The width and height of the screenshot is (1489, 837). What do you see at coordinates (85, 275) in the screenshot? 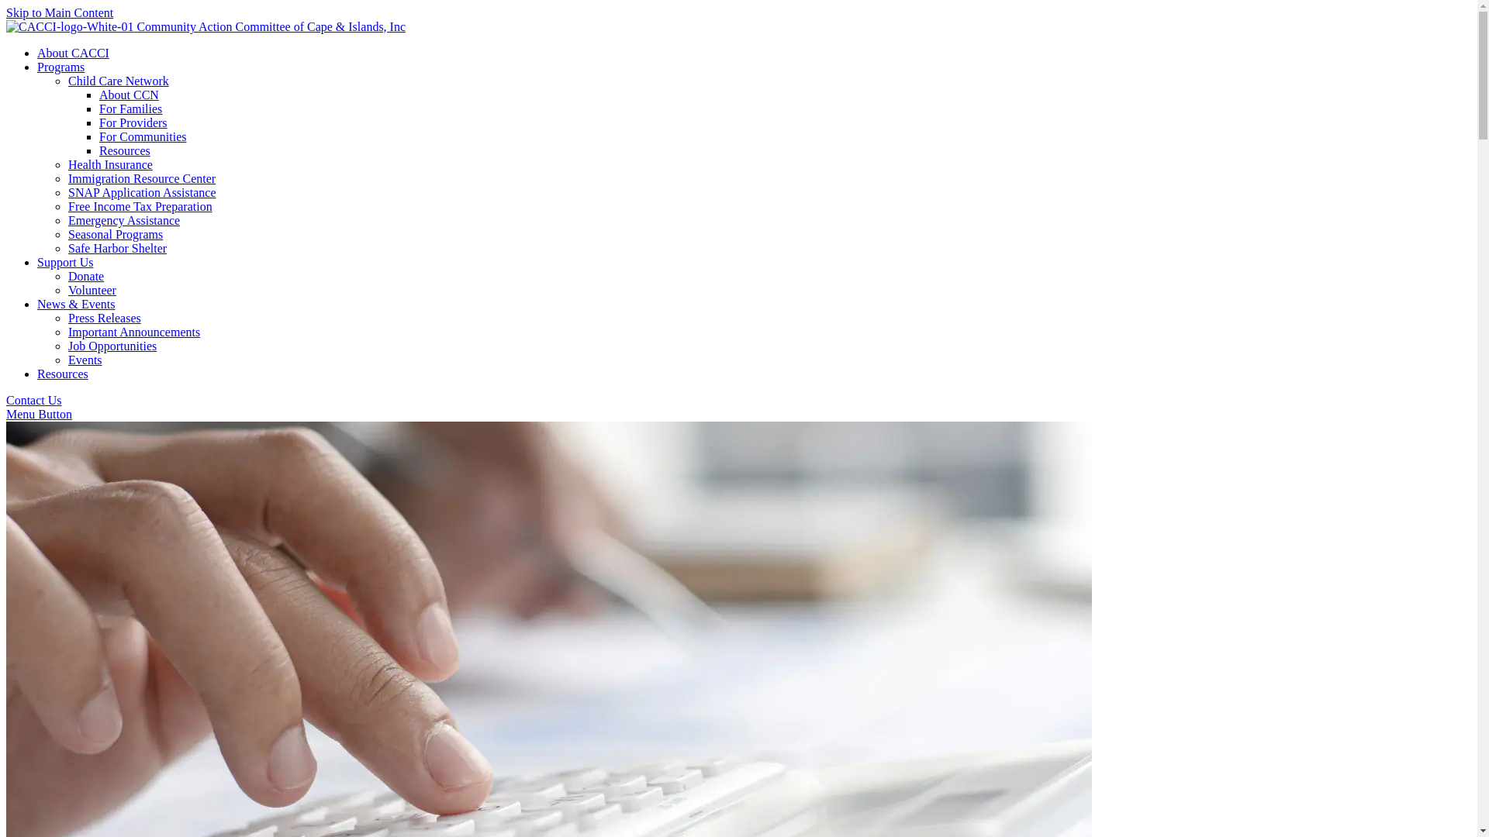
I see `'Donate'` at bounding box center [85, 275].